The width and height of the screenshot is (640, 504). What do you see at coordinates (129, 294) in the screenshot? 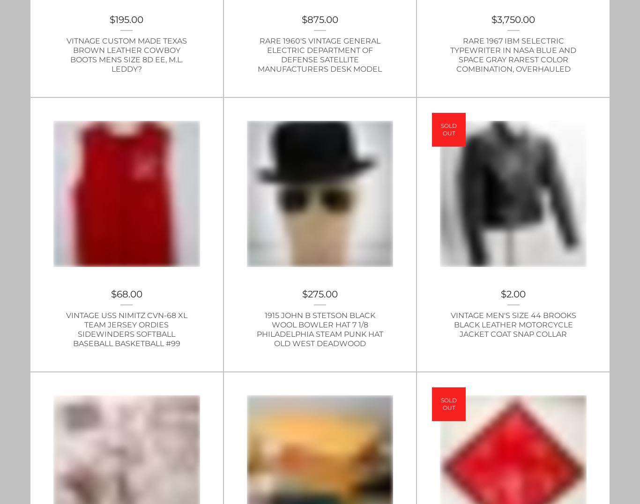
I see `'68.00'` at bounding box center [129, 294].